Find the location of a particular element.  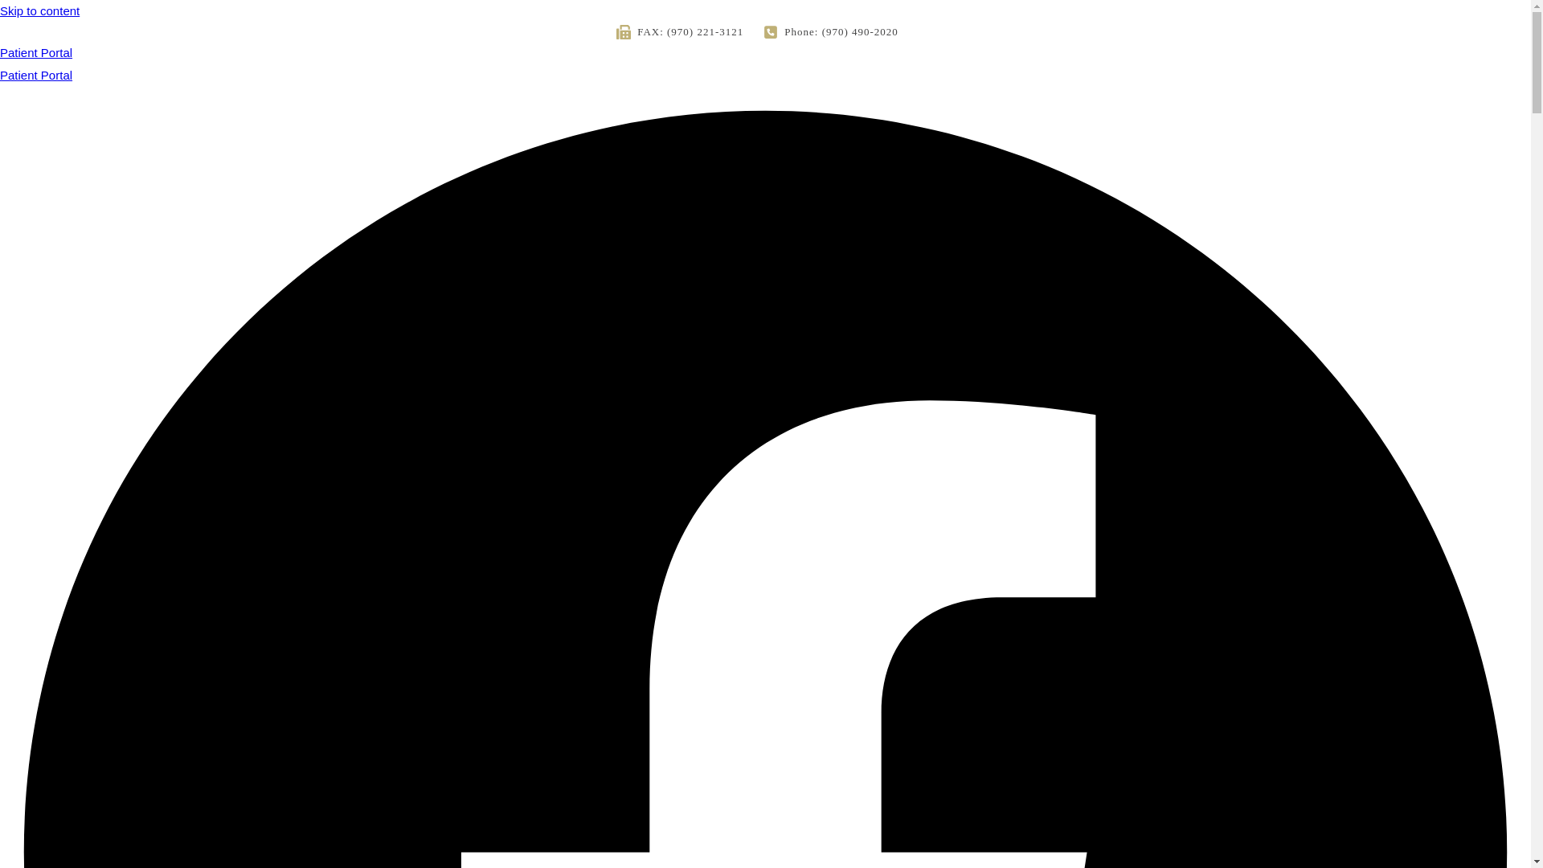

'Skip to content' is located at coordinates (39, 10).